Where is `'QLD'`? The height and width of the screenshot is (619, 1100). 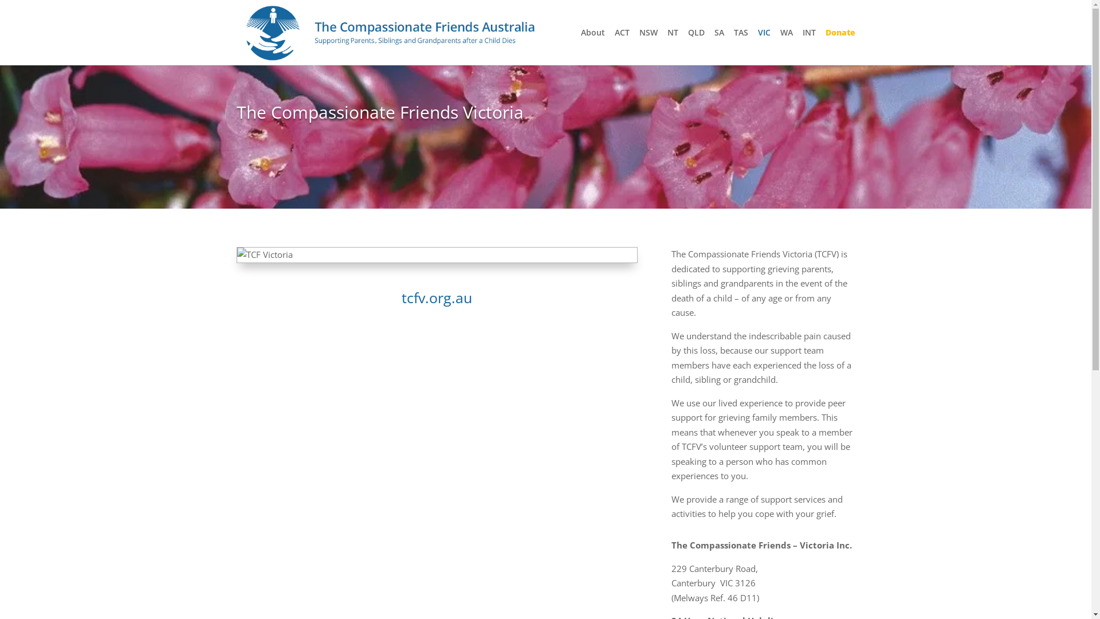 'QLD' is located at coordinates (695, 46).